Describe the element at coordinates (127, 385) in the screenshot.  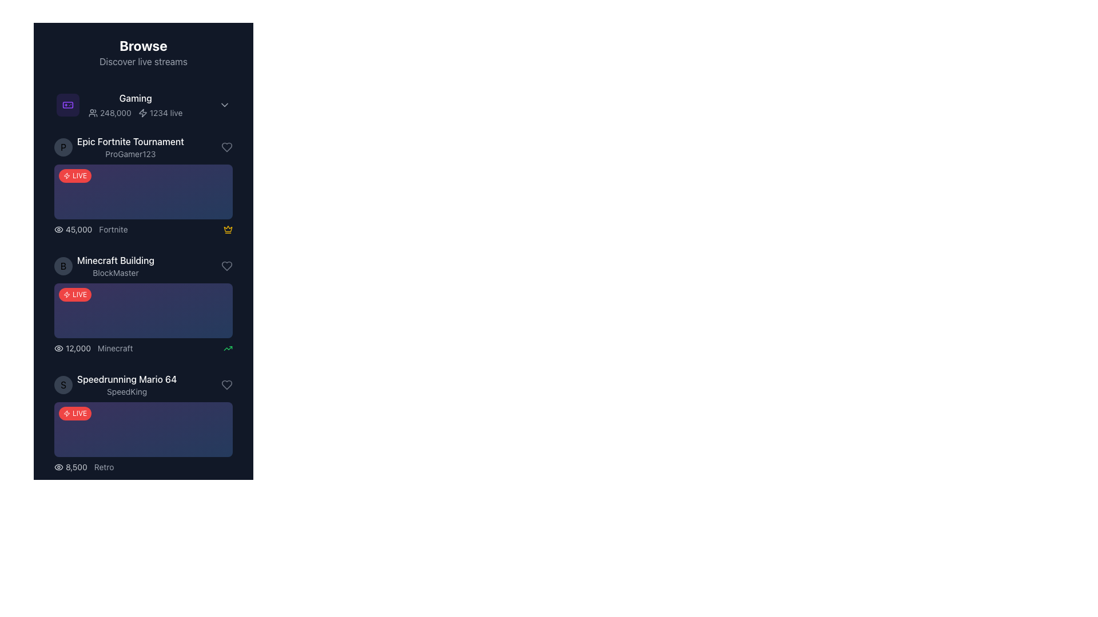
I see `the text block displaying the title 'Speedrunning Mario 64' and subtitle 'SpeedKing'` at that location.